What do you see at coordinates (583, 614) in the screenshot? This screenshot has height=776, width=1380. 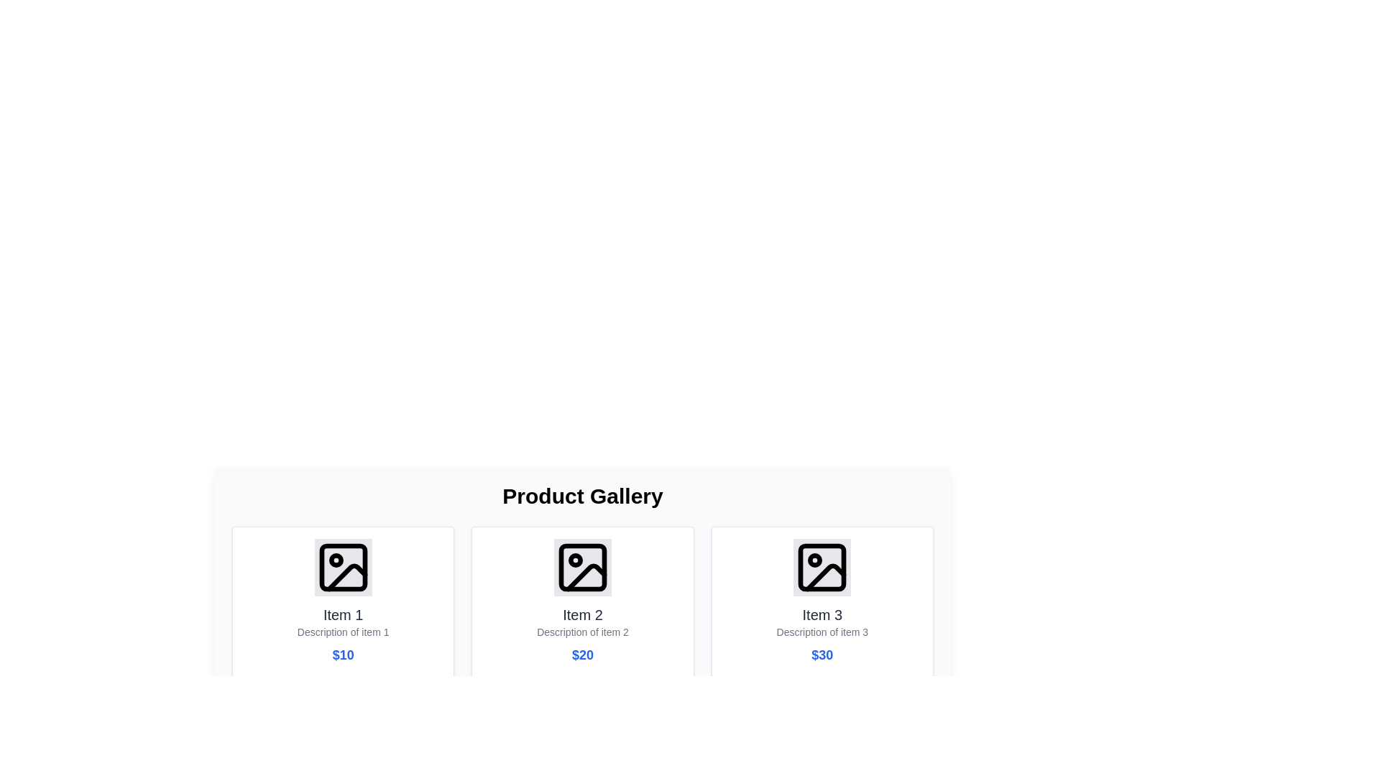 I see `the text label displaying 'Item 2', which is part of a vertically arranged section with an image and description, located in the second card of a horizontally aligned list` at bounding box center [583, 614].